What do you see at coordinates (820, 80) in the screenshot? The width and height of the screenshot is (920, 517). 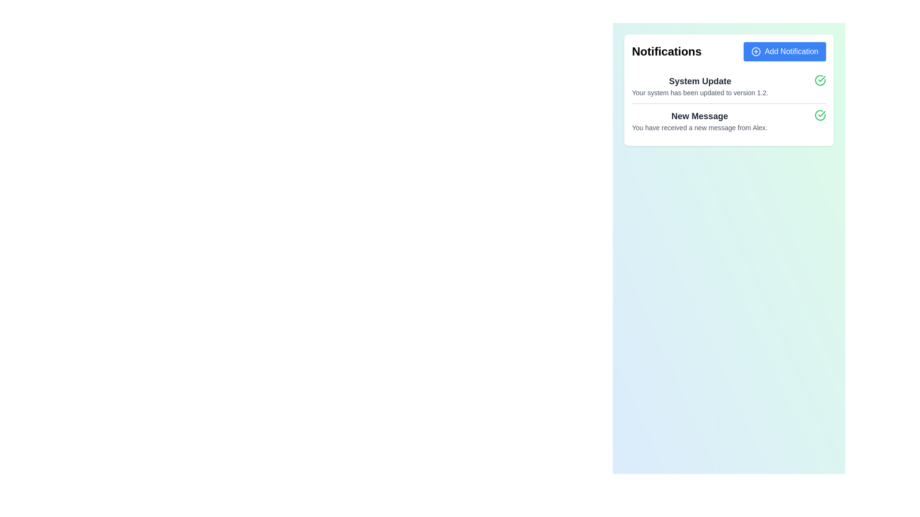 I see `the graphic element indicating confirmation or success within the SVG icon, located to the right end of the 'New Message' notification text` at bounding box center [820, 80].